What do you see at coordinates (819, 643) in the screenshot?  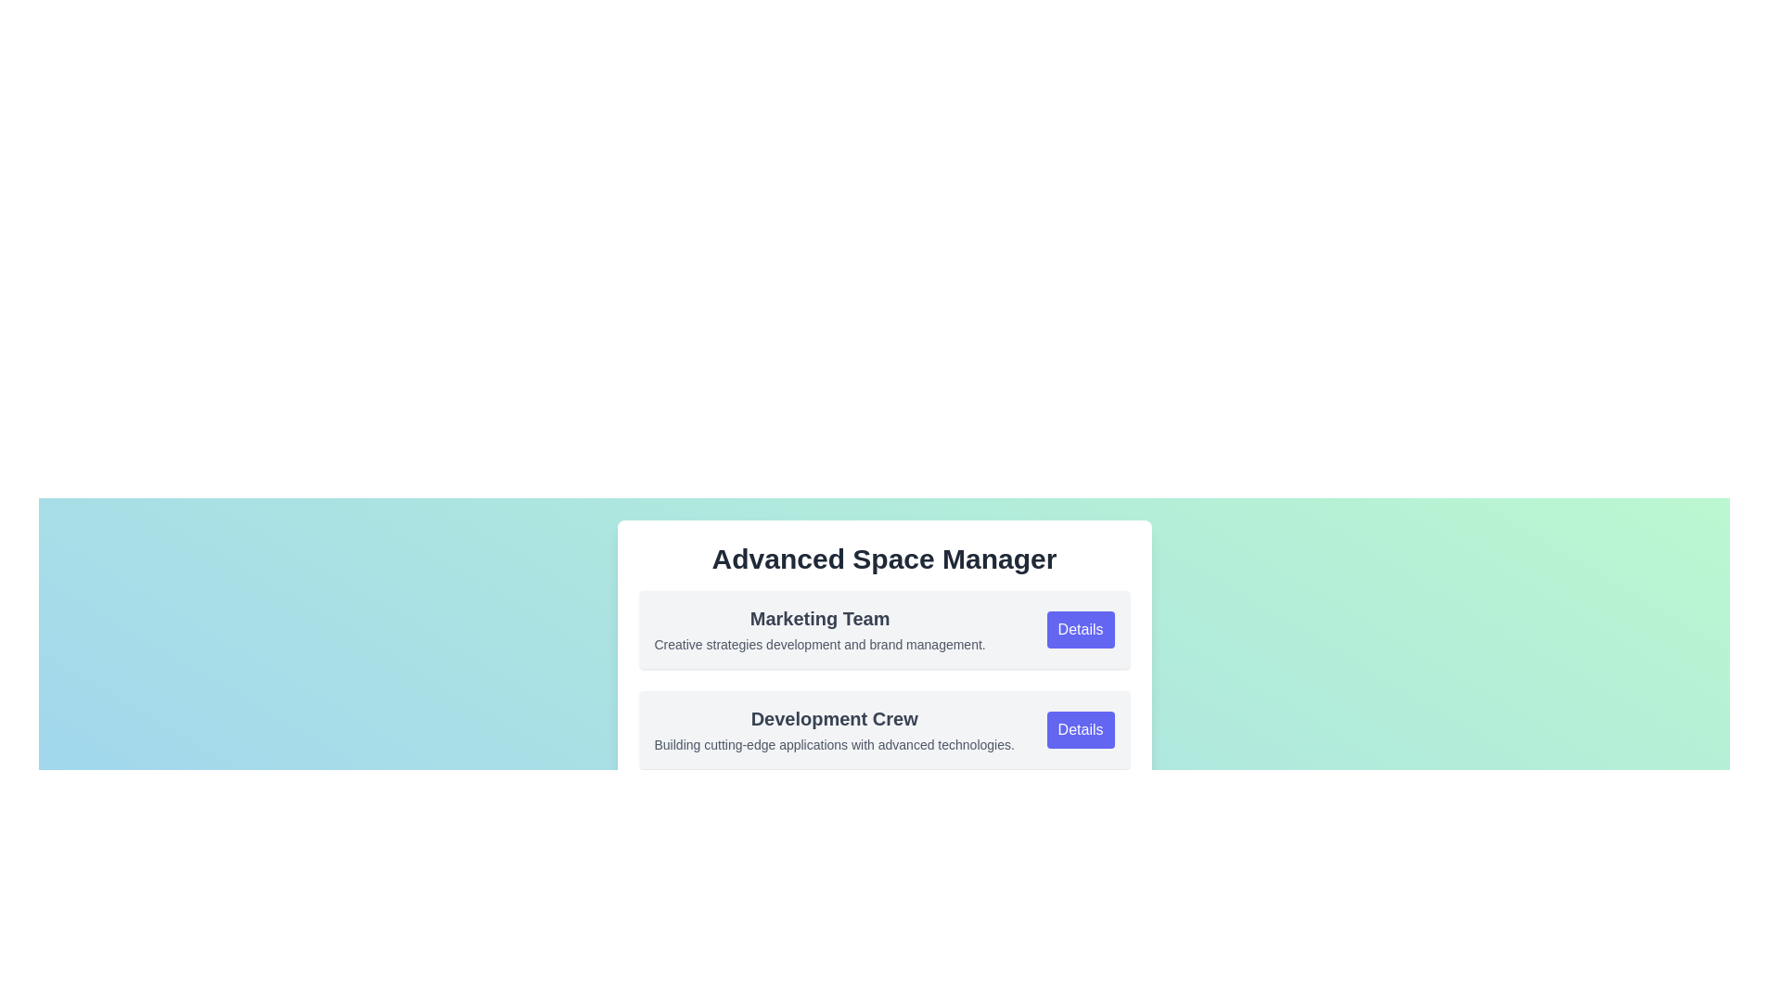 I see `the static text label providing additional description for the 'Marketing Team', located directly below the header and centered horizontally` at bounding box center [819, 643].